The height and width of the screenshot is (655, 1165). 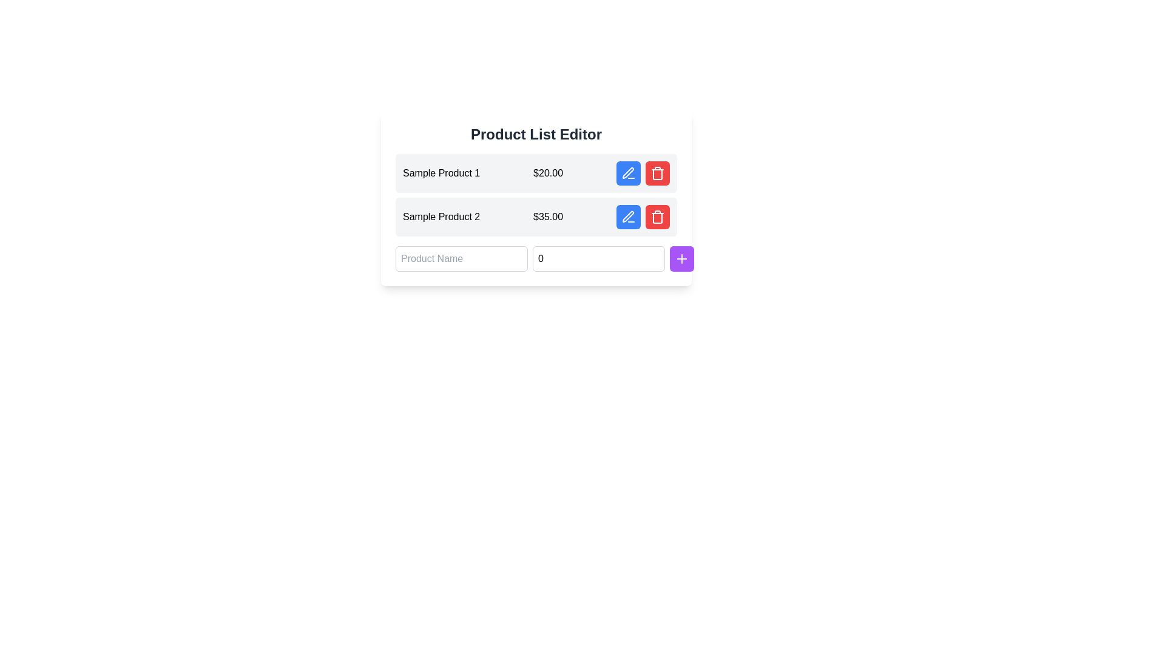 I want to click on displayed text of the Text label showing 'Sample Product 1' in the Product List Editor, so click(x=441, y=173).